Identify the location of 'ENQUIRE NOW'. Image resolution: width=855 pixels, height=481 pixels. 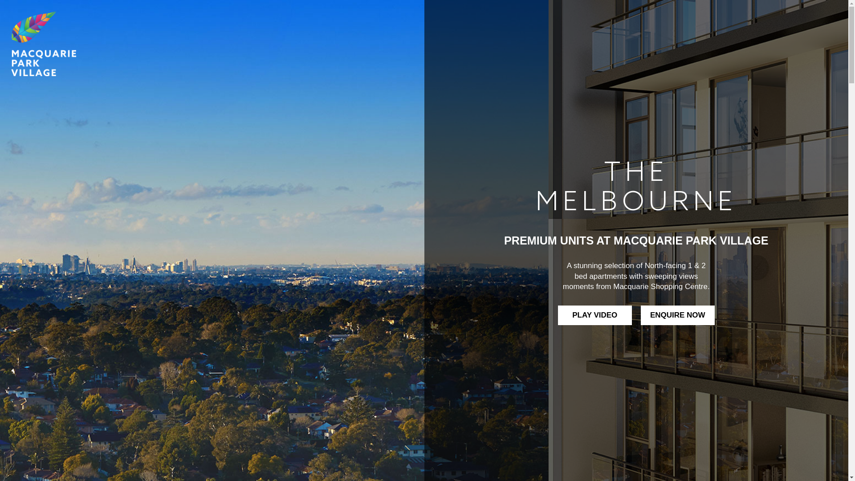
(677, 315).